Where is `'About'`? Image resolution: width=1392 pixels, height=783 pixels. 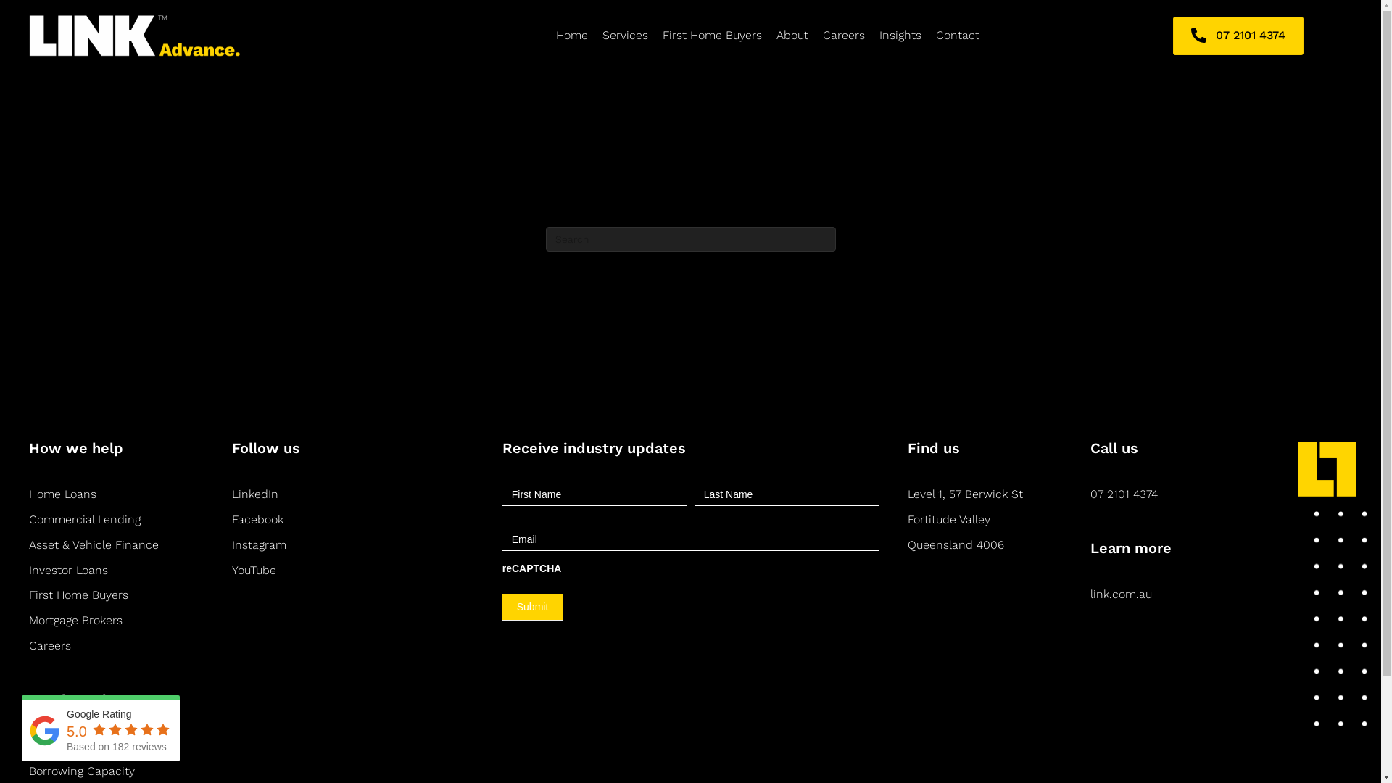
'About' is located at coordinates (792, 35).